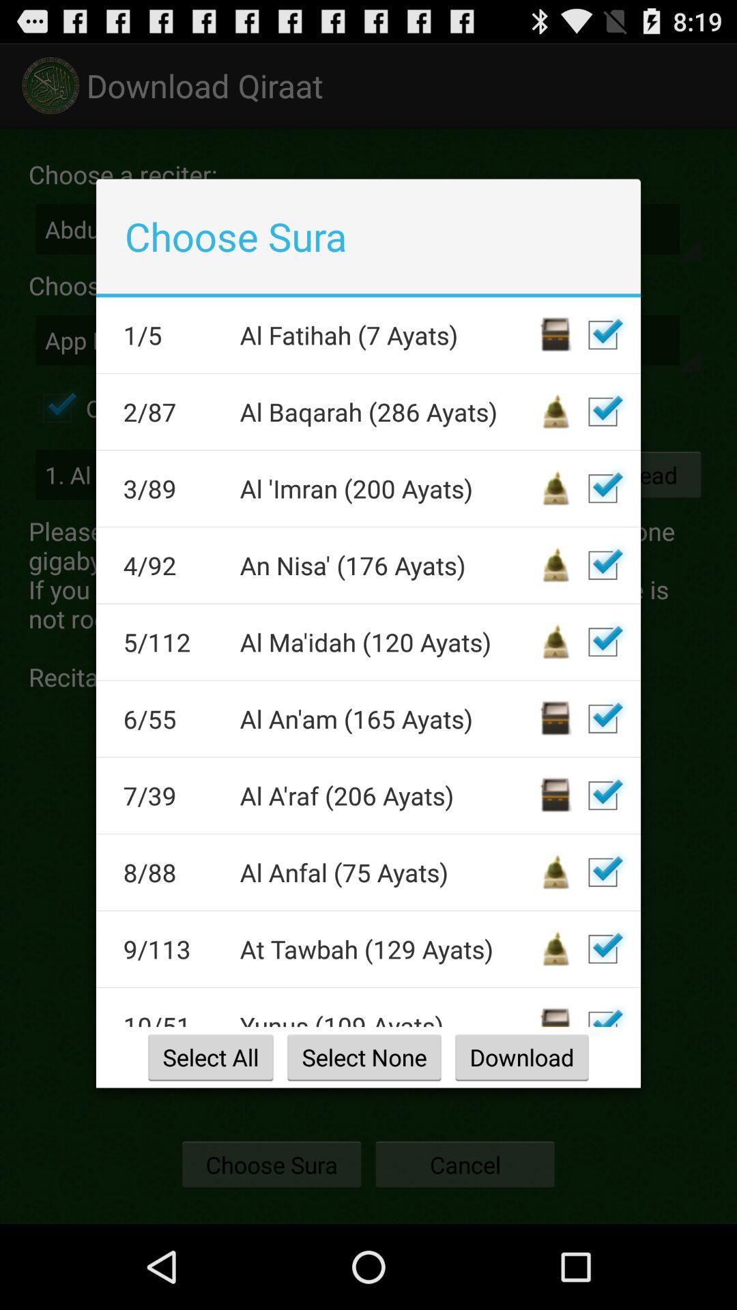  Describe the element at coordinates (602, 718) in the screenshot. I see `check or uncheck sura` at that location.